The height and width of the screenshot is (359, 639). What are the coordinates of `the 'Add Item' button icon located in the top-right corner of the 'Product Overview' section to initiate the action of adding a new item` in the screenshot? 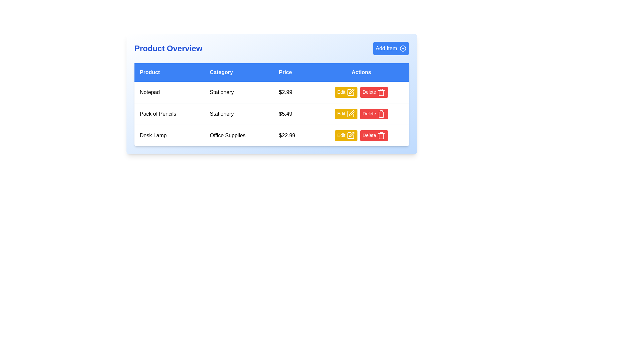 It's located at (402, 48).